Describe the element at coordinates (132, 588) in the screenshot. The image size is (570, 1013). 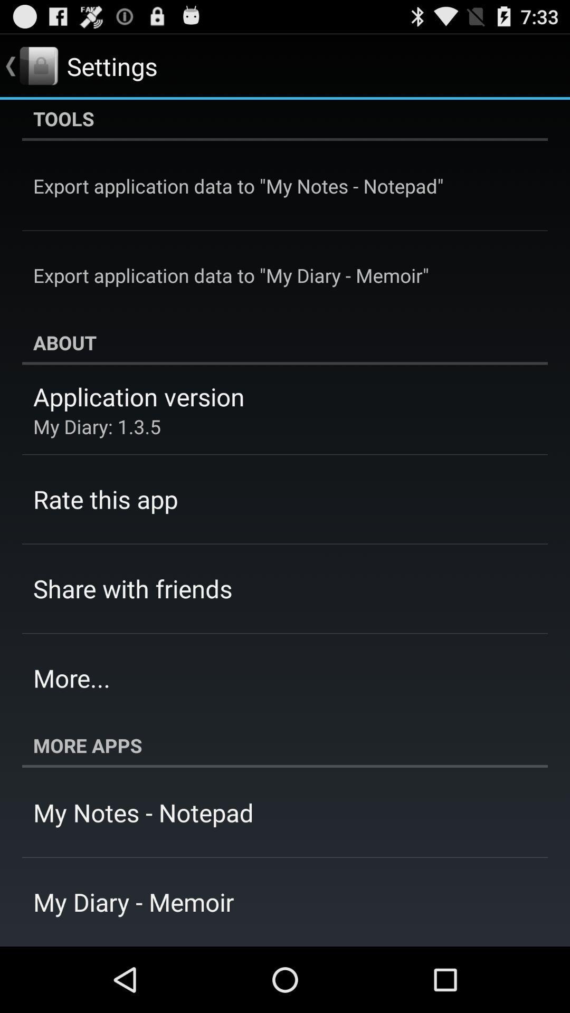
I see `the share with friends item` at that location.